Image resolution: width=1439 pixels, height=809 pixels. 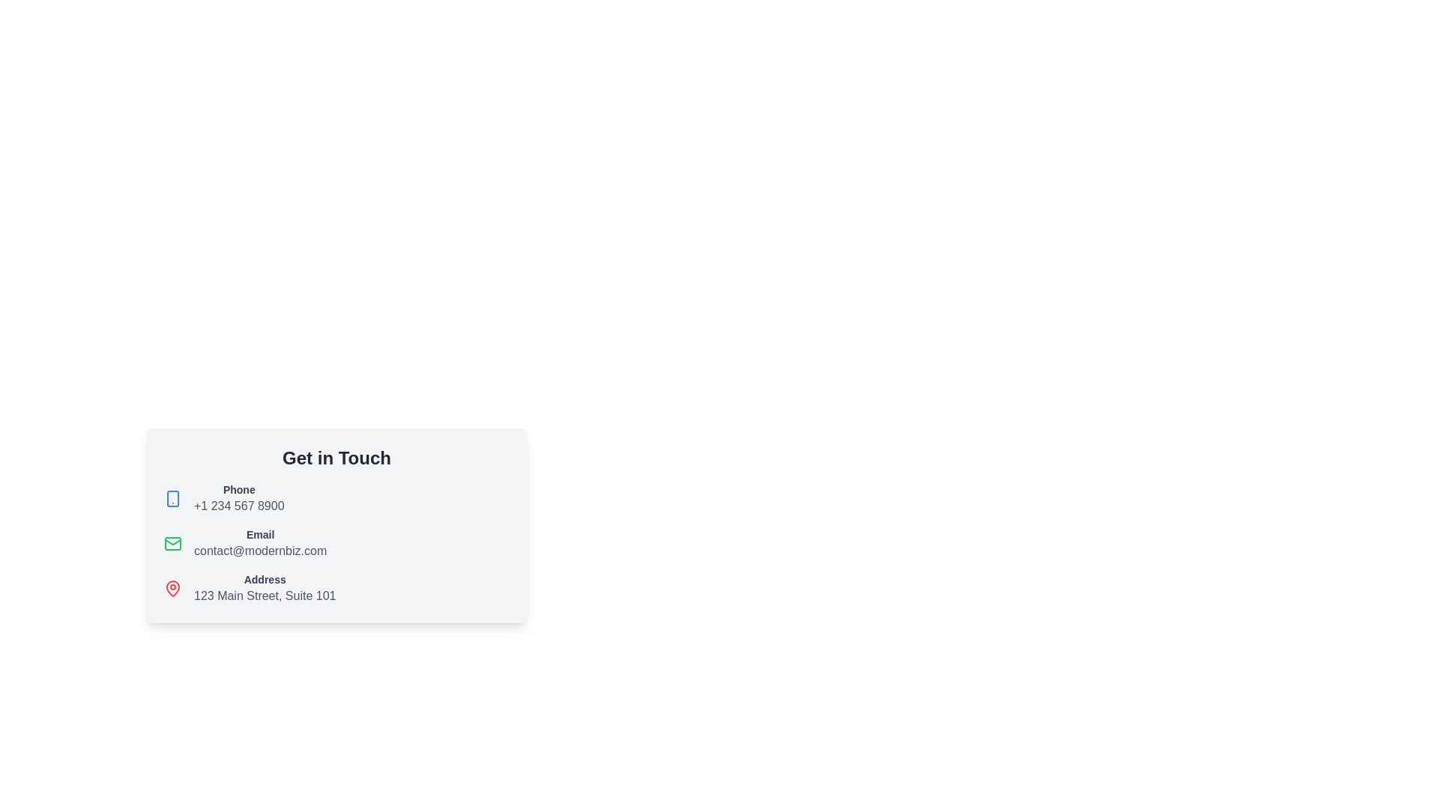 What do you see at coordinates (172, 588) in the screenshot?
I see `the location icon located in the bottom left corner of the address section of the 'Get in Touch' contact information card, next to the text 'Address123 Main Street, Suite 101'` at bounding box center [172, 588].